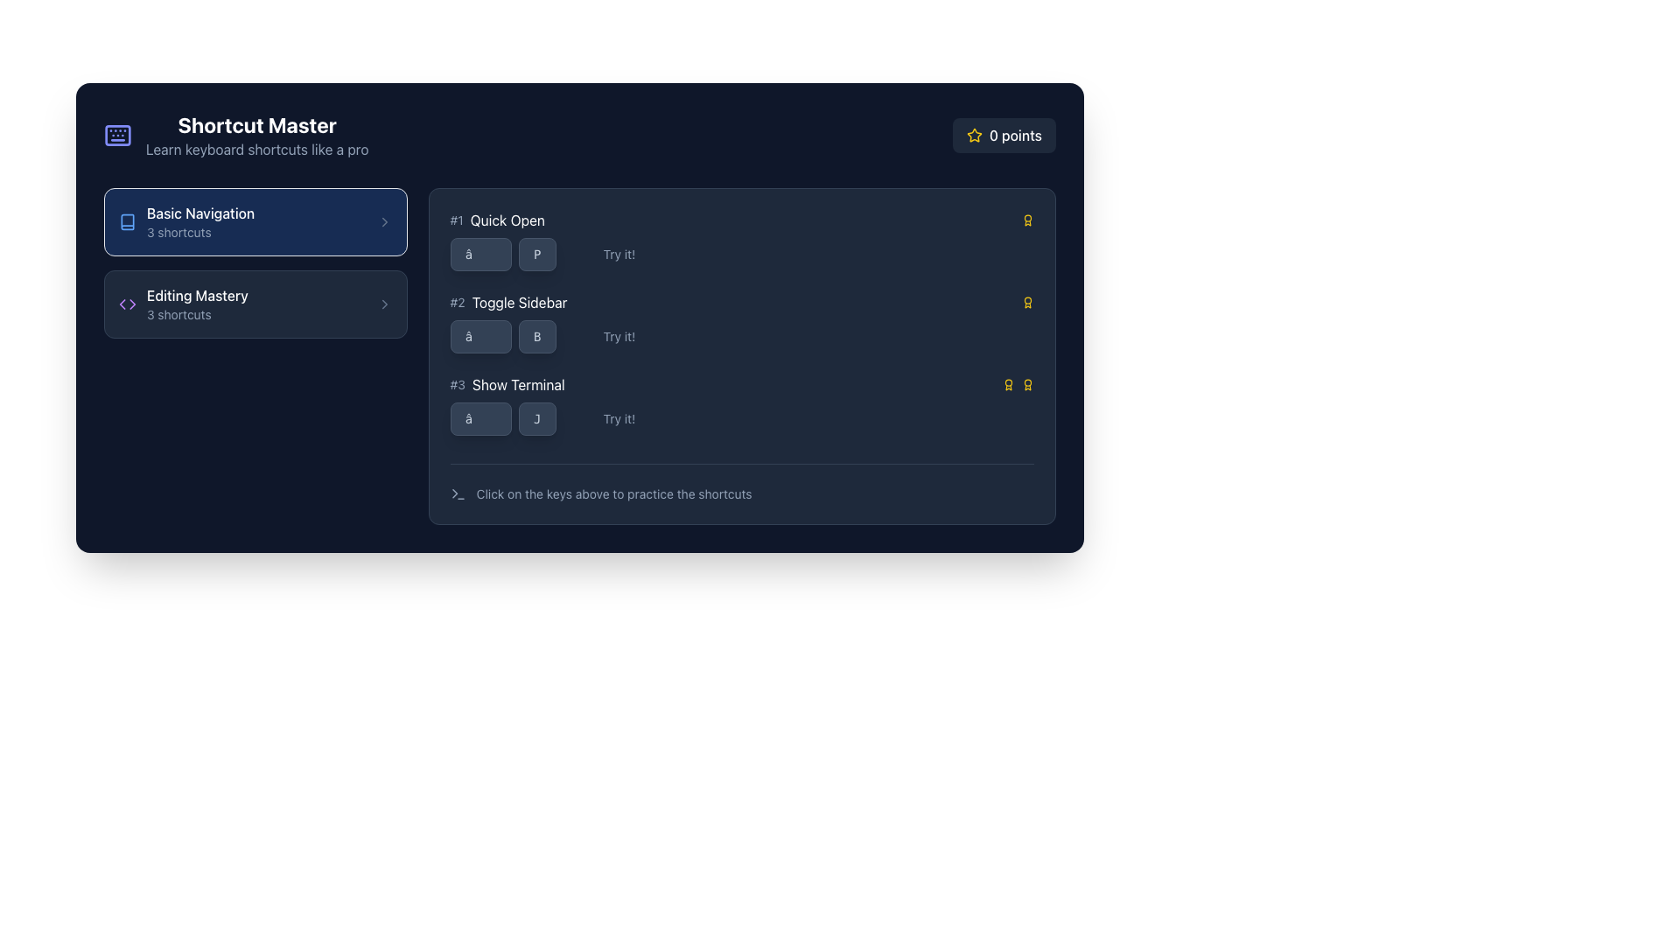 The height and width of the screenshot is (945, 1680). What do you see at coordinates (197, 303) in the screenshot?
I see `the 'Editing Mastery' shortcuts navigational item located in the left panel below the 'Basic Navigation' section` at bounding box center [197, 303].